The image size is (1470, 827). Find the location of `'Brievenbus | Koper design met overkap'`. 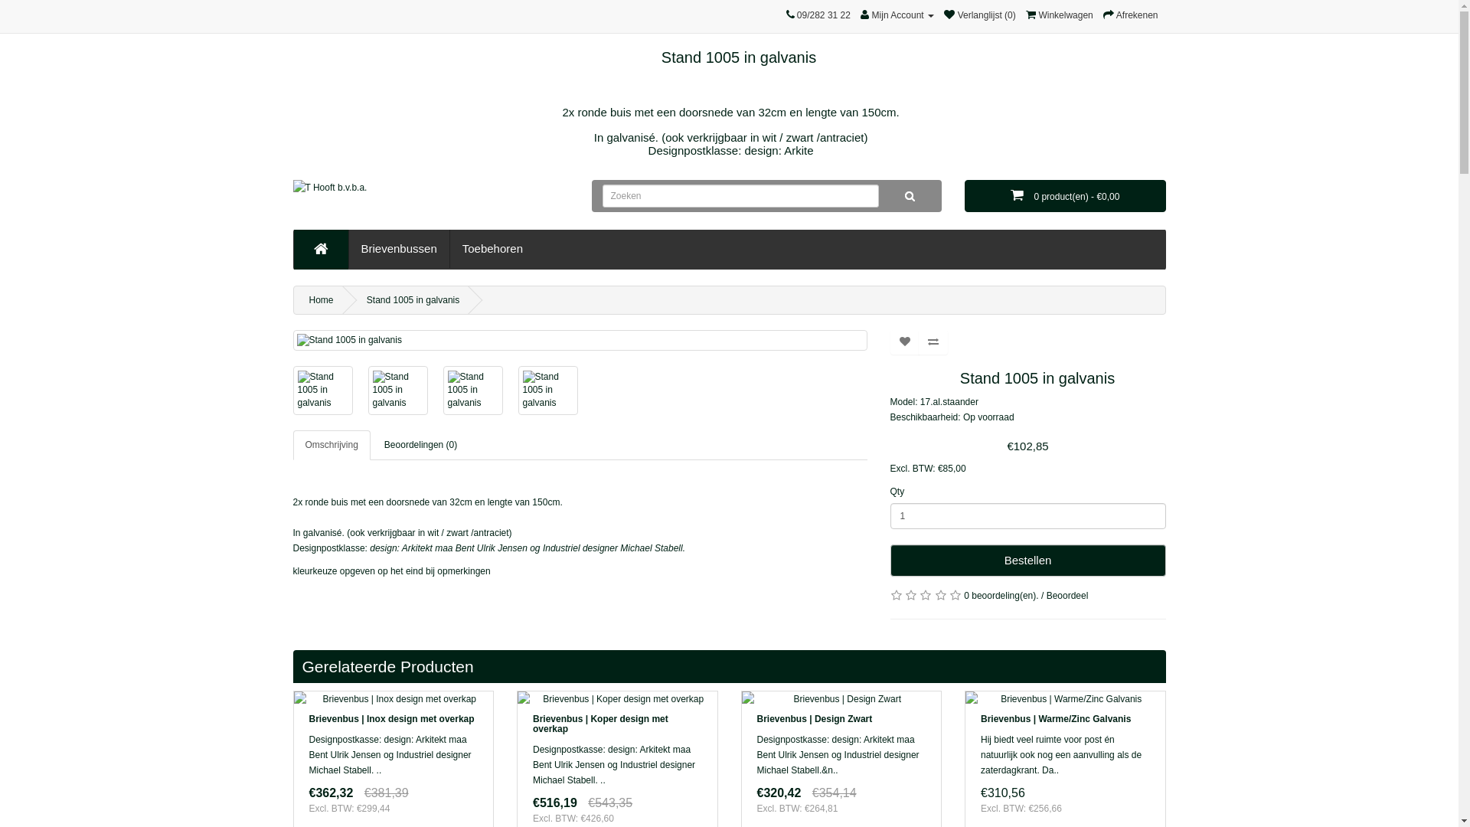

'Brievenbus | Koper design met overkap' is located at coordinates (599, 724).